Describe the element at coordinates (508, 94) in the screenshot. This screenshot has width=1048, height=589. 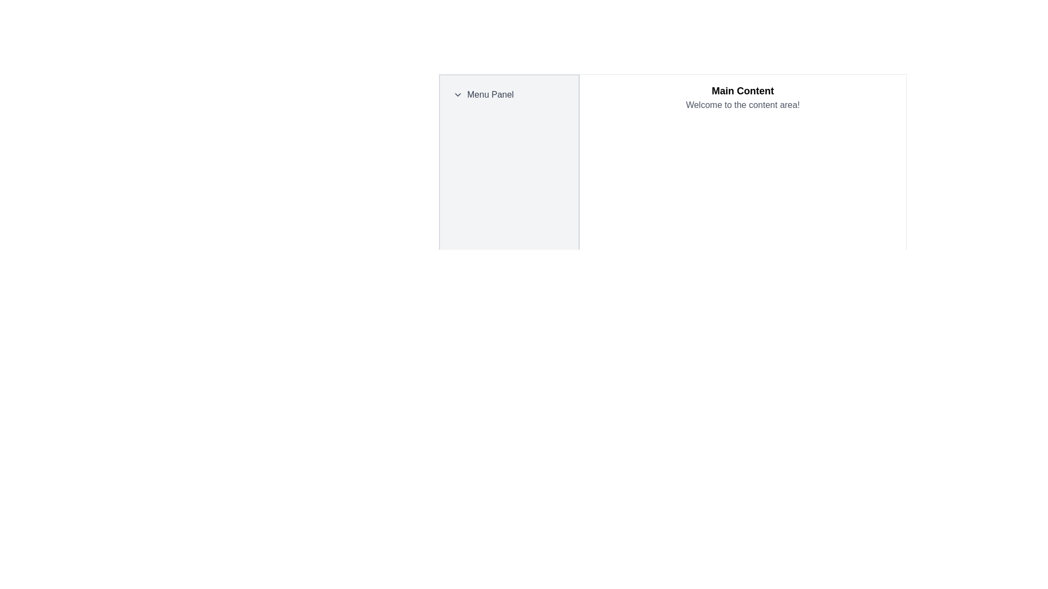
I see `the 'Menu Panel' collapsible menu header` at that location.